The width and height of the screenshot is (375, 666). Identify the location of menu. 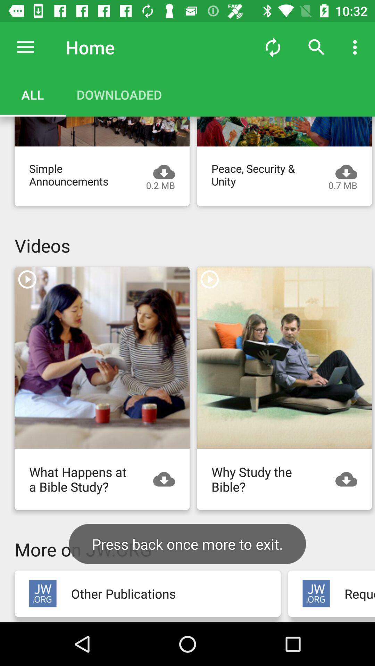
(25, 47).